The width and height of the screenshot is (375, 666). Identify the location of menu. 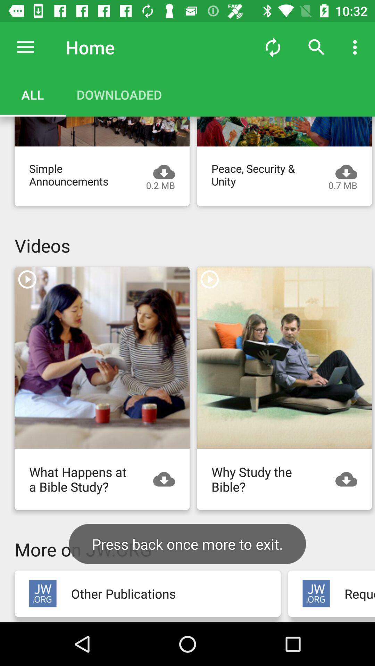
(25, 47).